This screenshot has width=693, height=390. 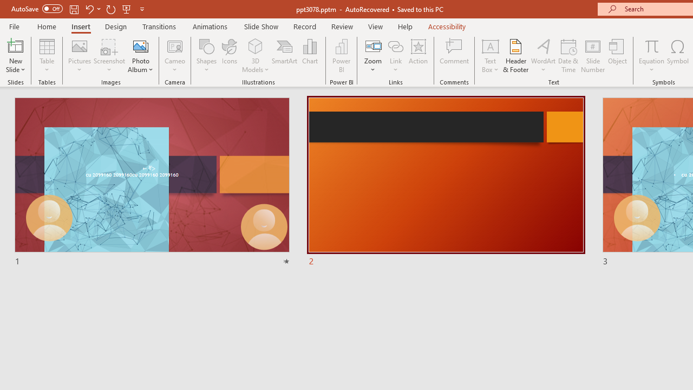 I want to click on 'Date & Time...', so click(x=568, y=56).